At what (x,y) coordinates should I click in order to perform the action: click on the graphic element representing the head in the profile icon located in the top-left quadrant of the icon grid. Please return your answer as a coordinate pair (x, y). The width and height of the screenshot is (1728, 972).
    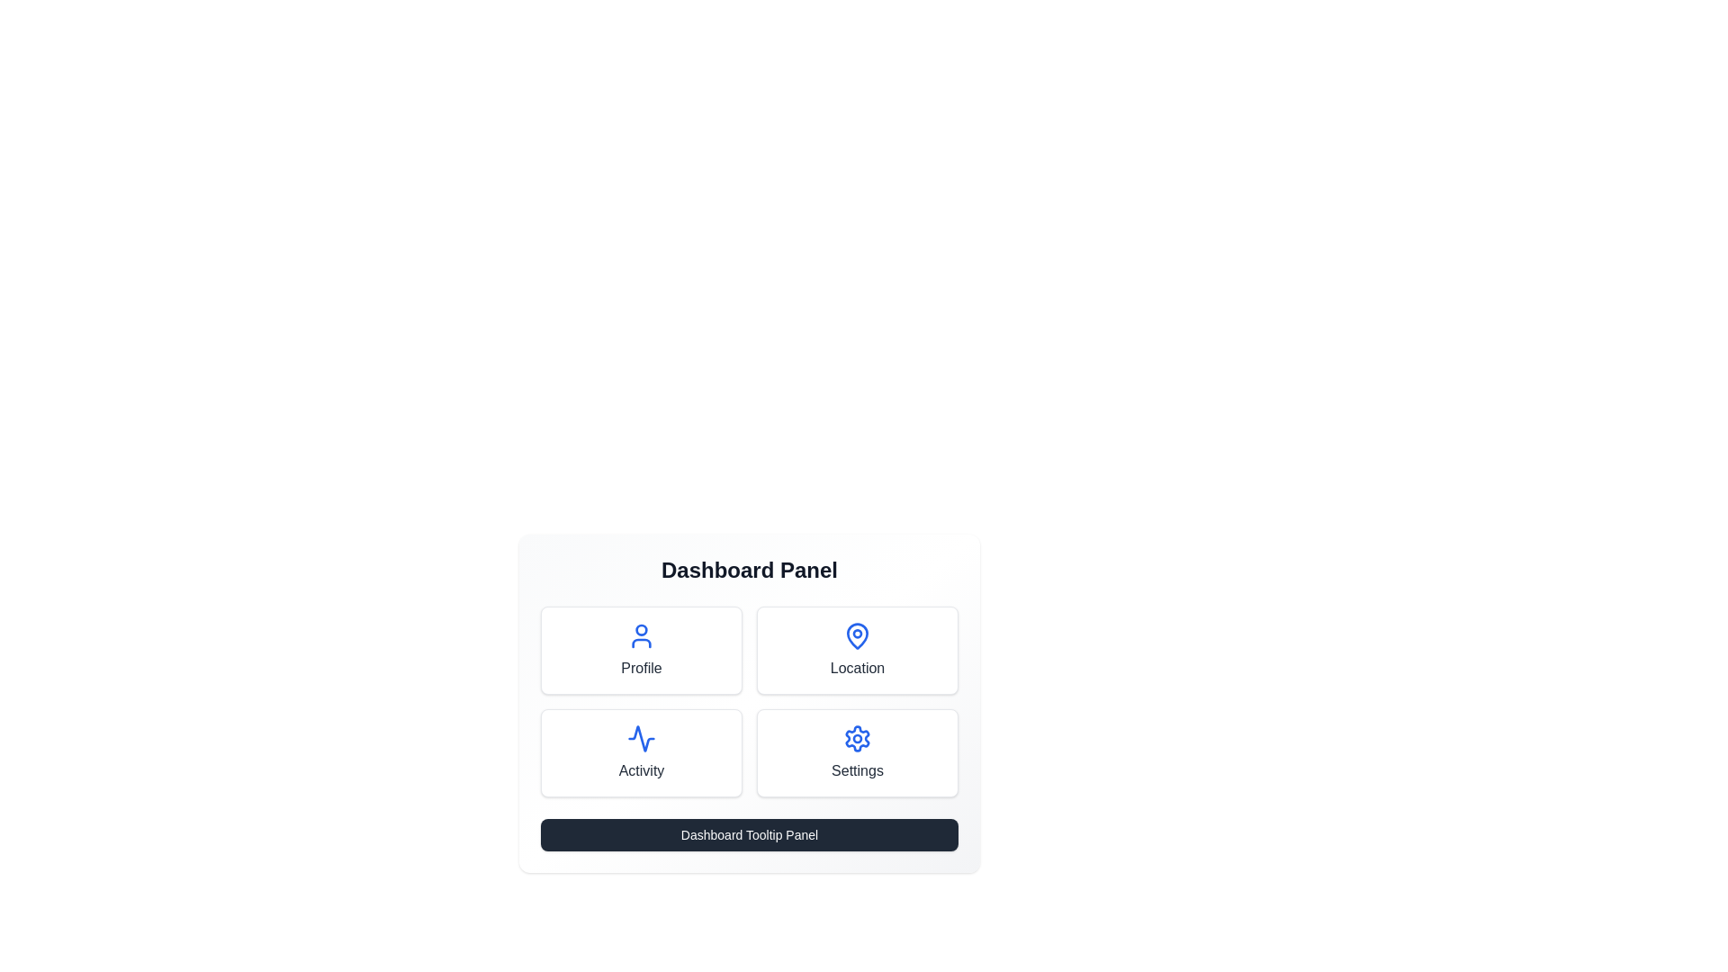
    Looking at the image, I should click on (642, 628).